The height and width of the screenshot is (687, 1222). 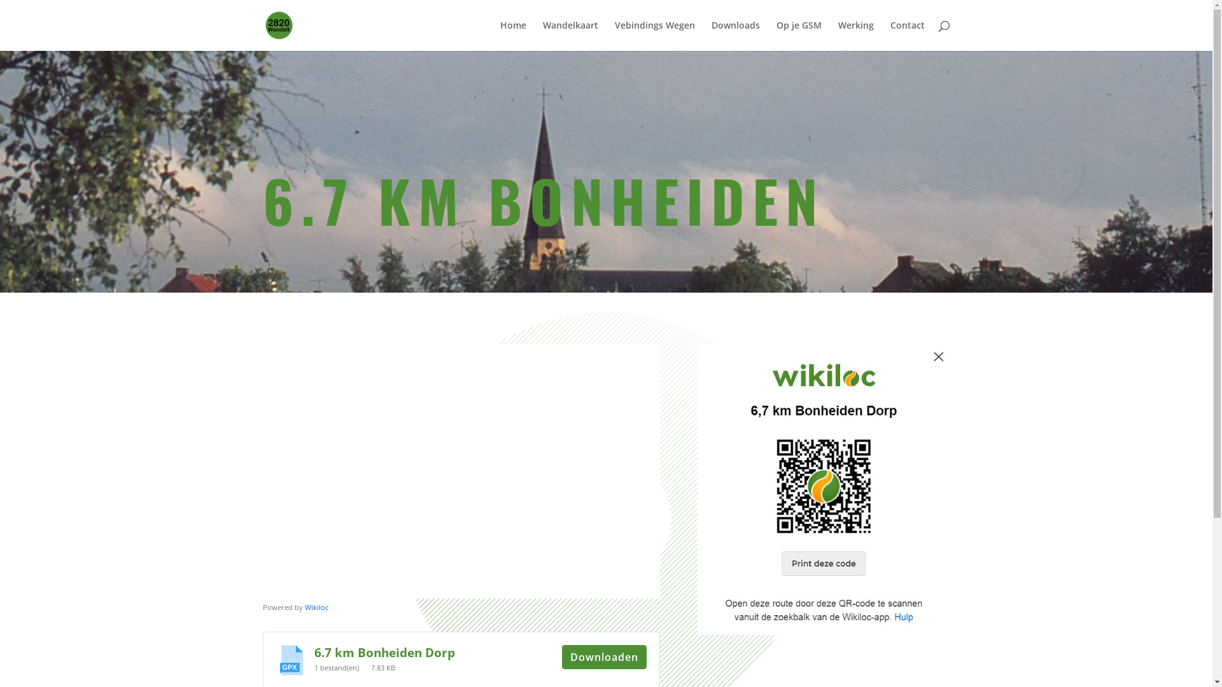 What do you see at coordinates (603, 657) in the screenshot?
I see `'Downloaden'` at bounding box center [603, 657].